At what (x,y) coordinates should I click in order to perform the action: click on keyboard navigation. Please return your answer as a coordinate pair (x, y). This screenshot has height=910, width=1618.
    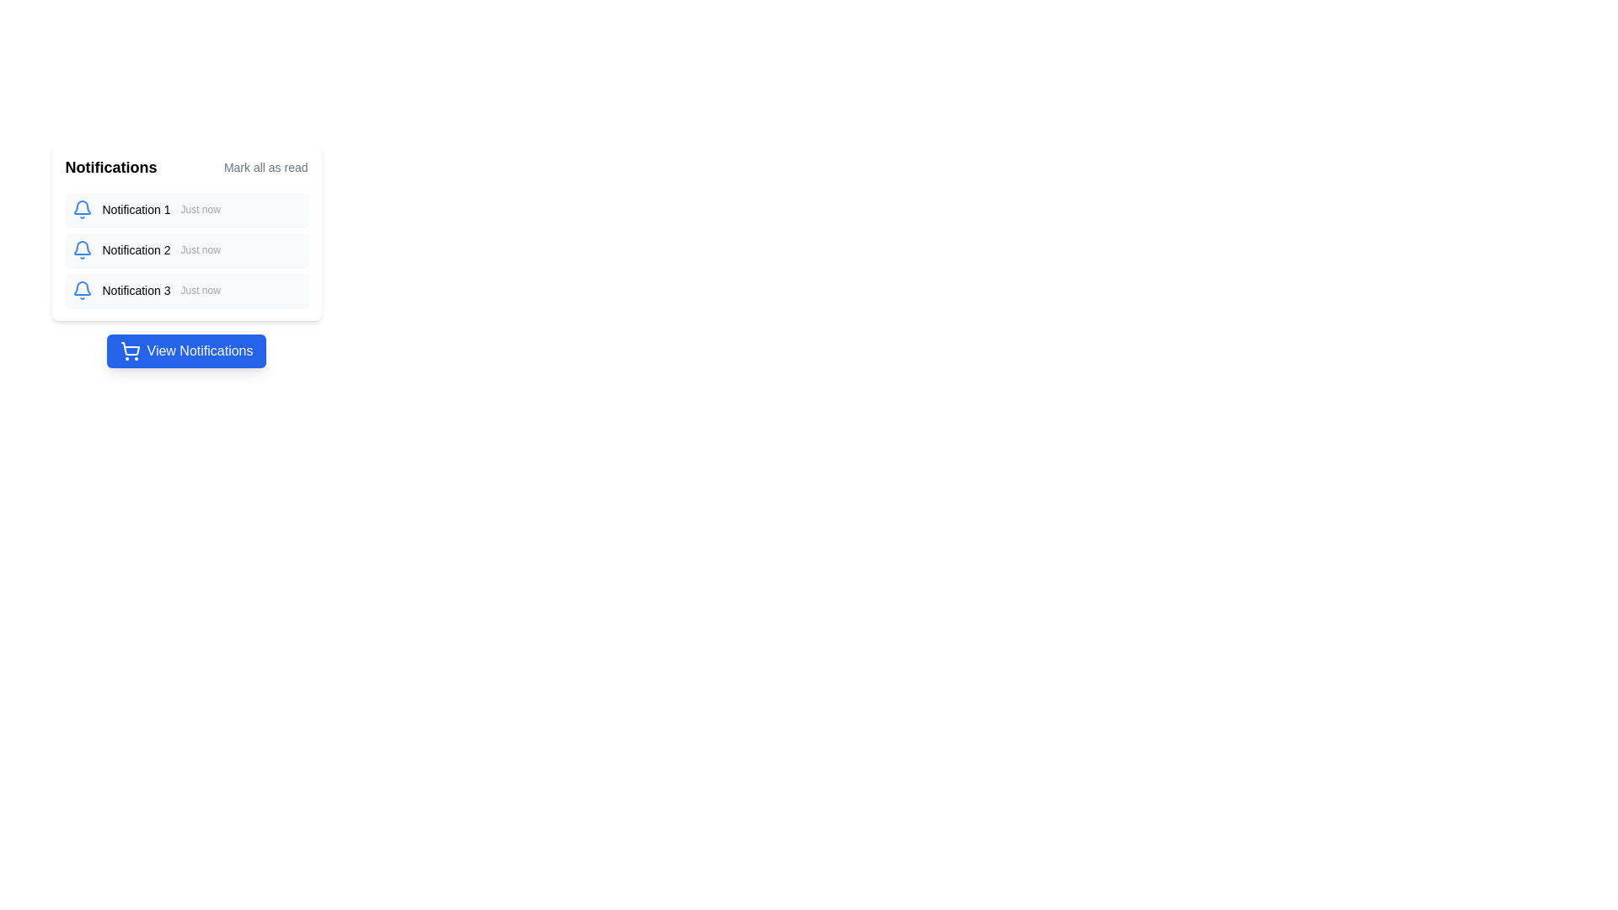
    Looking at the image, I should click on (186, 350).